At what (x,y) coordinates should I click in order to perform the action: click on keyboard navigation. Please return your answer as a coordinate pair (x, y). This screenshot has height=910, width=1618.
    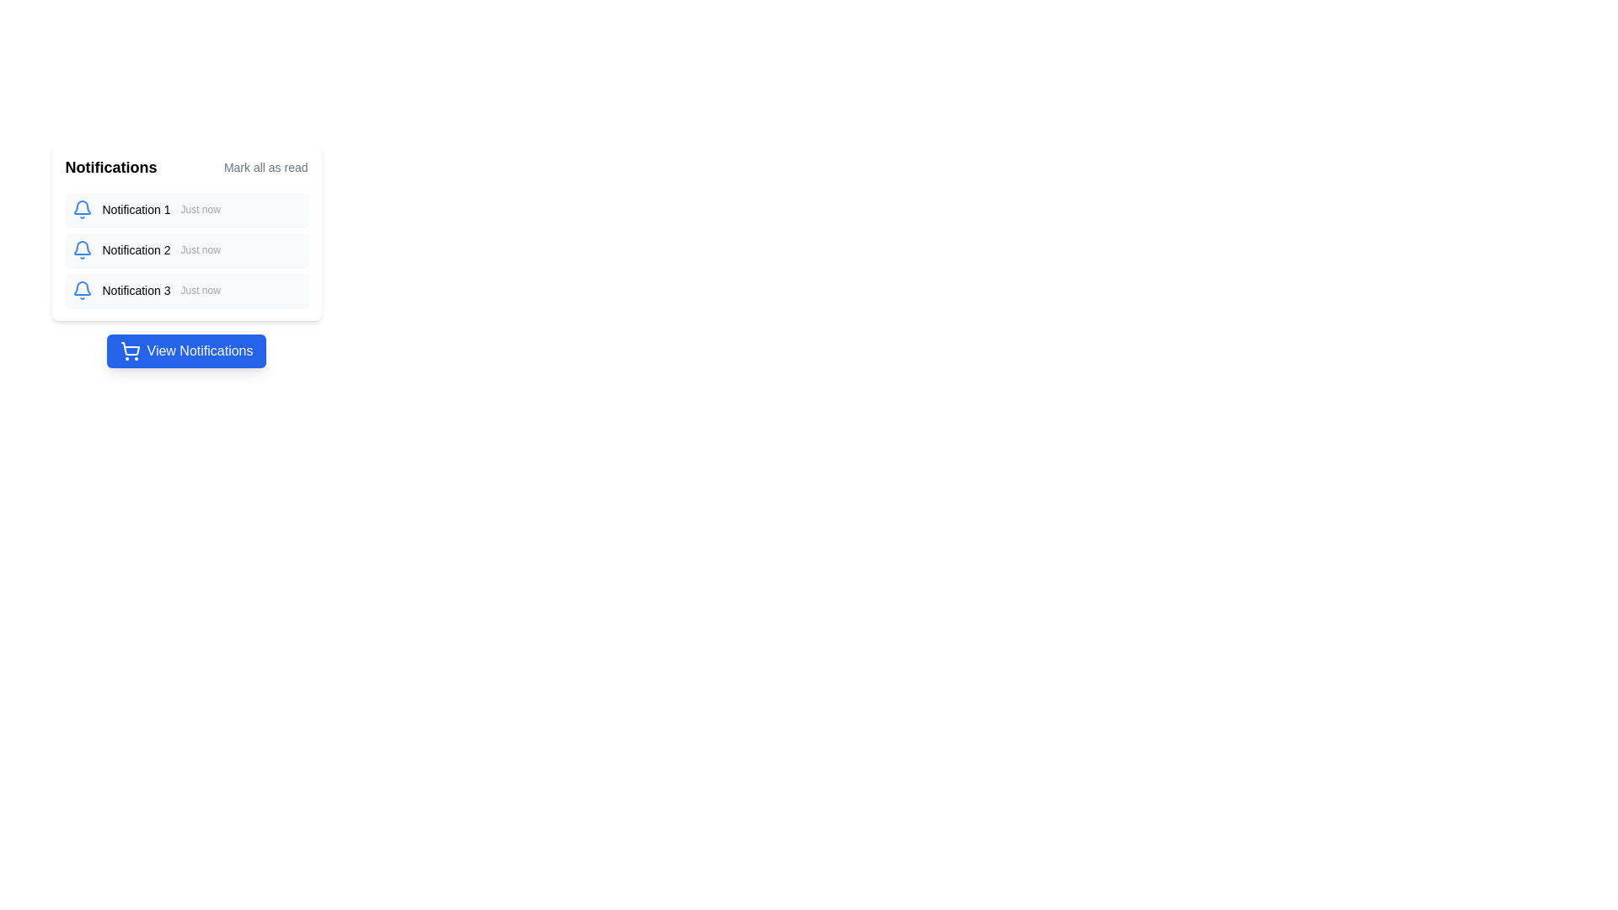
    Looking at the image, I should click on (186, 350).